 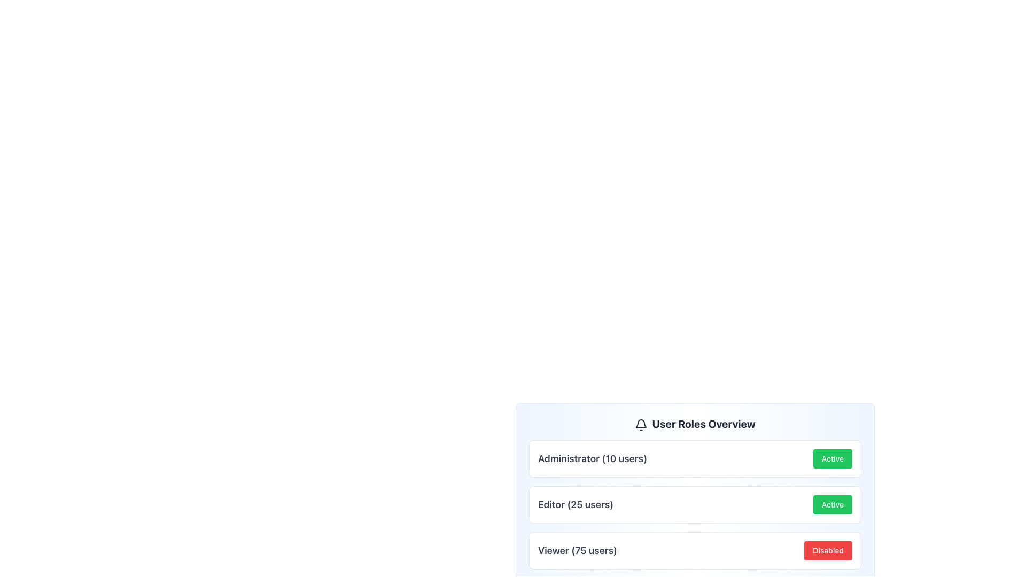 What do you see at coordinates (592, 458) in the screenshot?
I see `the Static Text Label reading 'Administrator (10 users)' which is displayed in bold within a white rectangular card, located near the upper-left segment of the card, to the left of the label 'Active'` at bounding box center [592, 458].